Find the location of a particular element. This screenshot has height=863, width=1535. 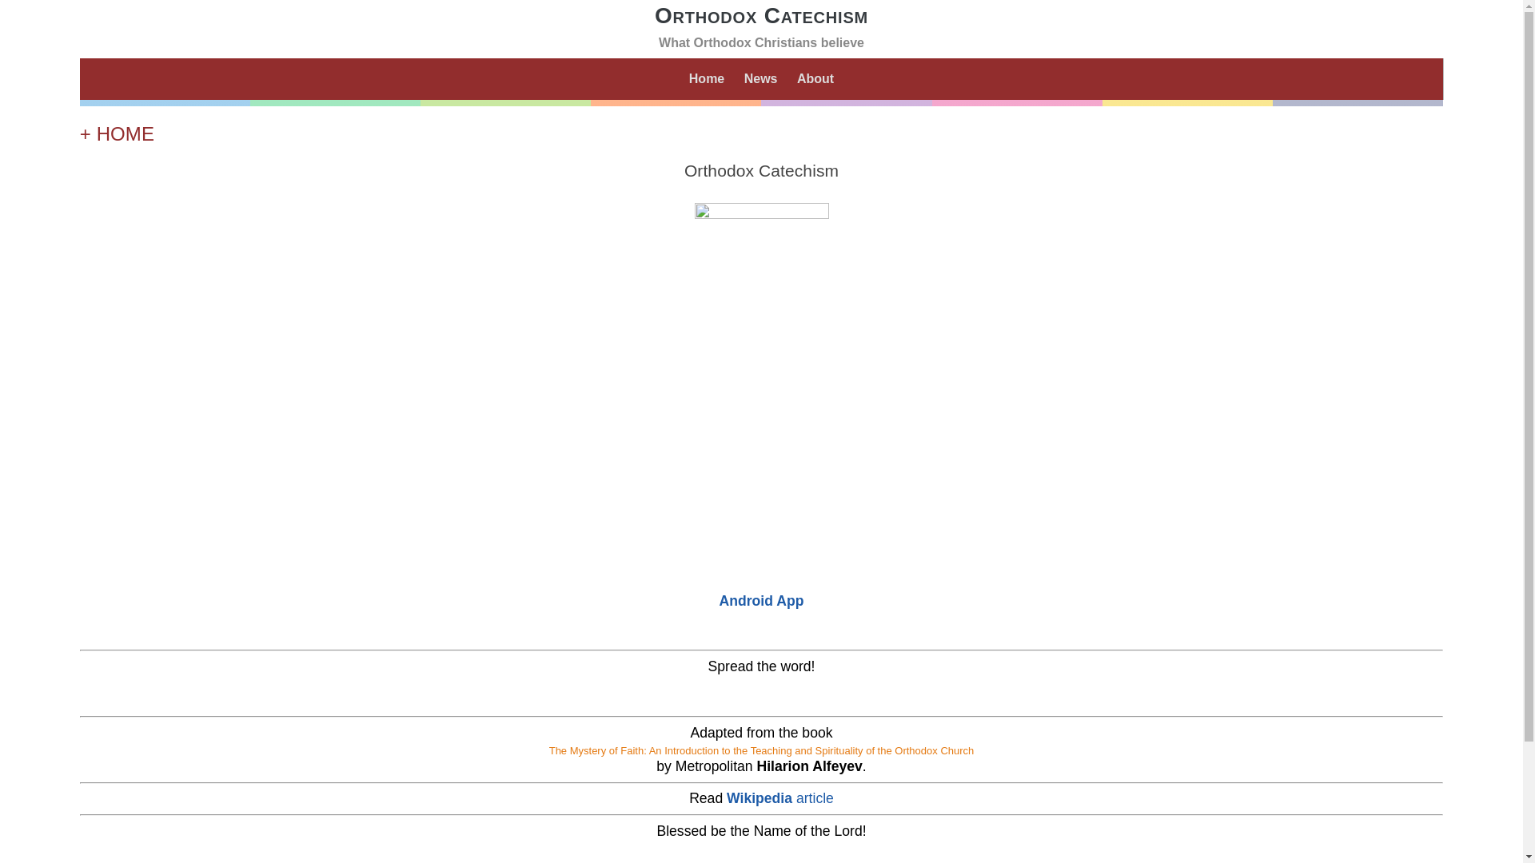

'Table of Contents' is located at coordinates (760, 533).